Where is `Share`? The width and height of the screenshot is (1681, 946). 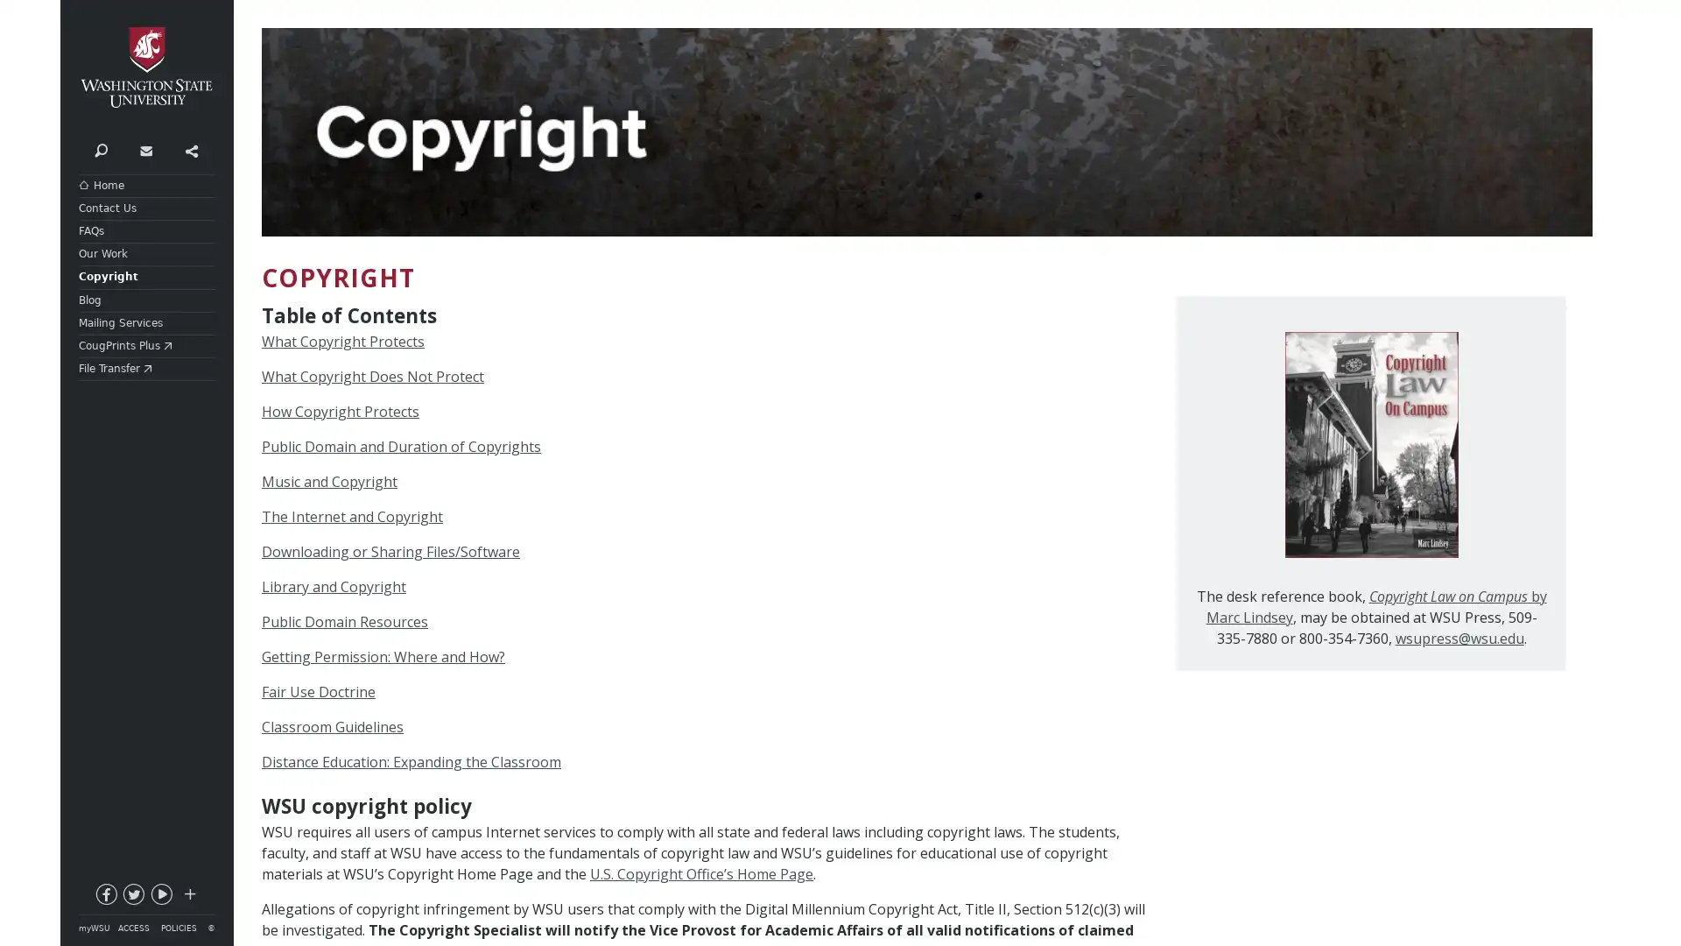 Share is located at coordinates (190, 148).